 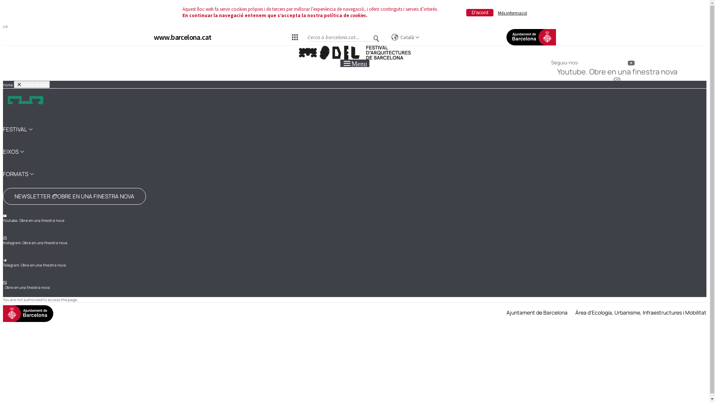 I want to click on 'Home', so click(x=8, y=84).